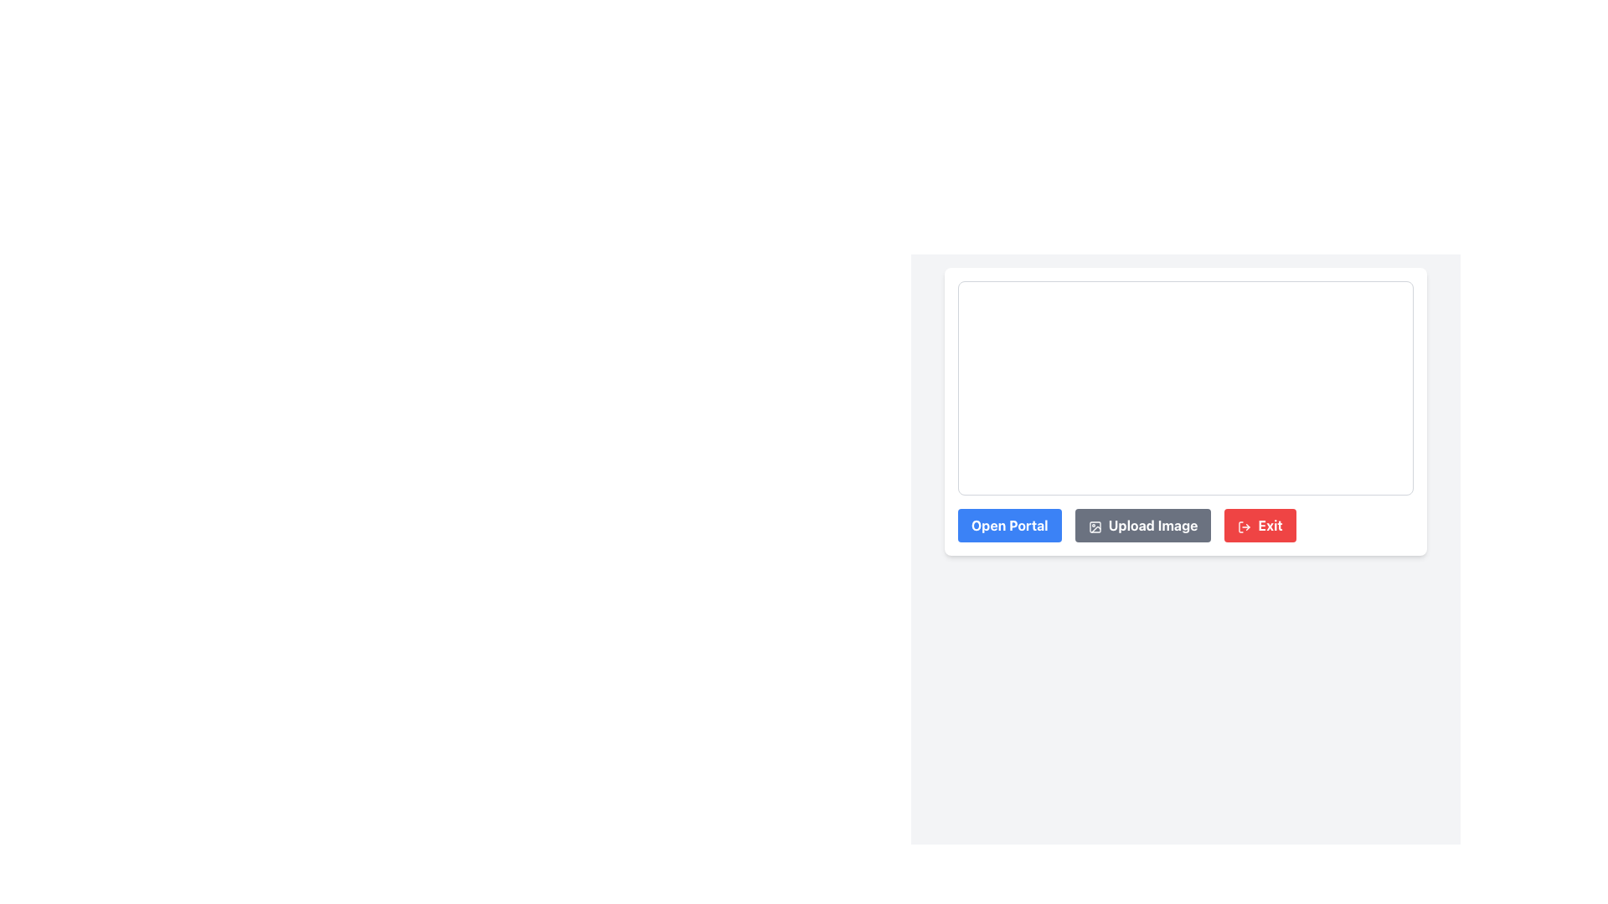  Describe the element at coordinates (1185, 518) in the screenshot. I see `the second button in a horizontal row of three buttons at the bottom of the interface` at that location.